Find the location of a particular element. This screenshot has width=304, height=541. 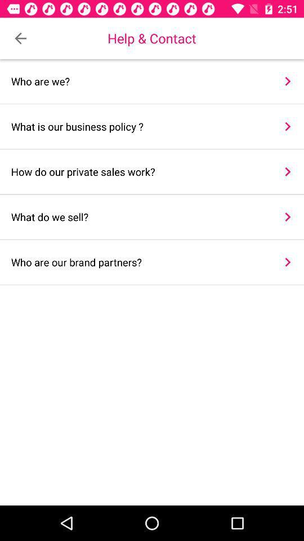

the item next to the what do we is located at coordinates (288, 216).